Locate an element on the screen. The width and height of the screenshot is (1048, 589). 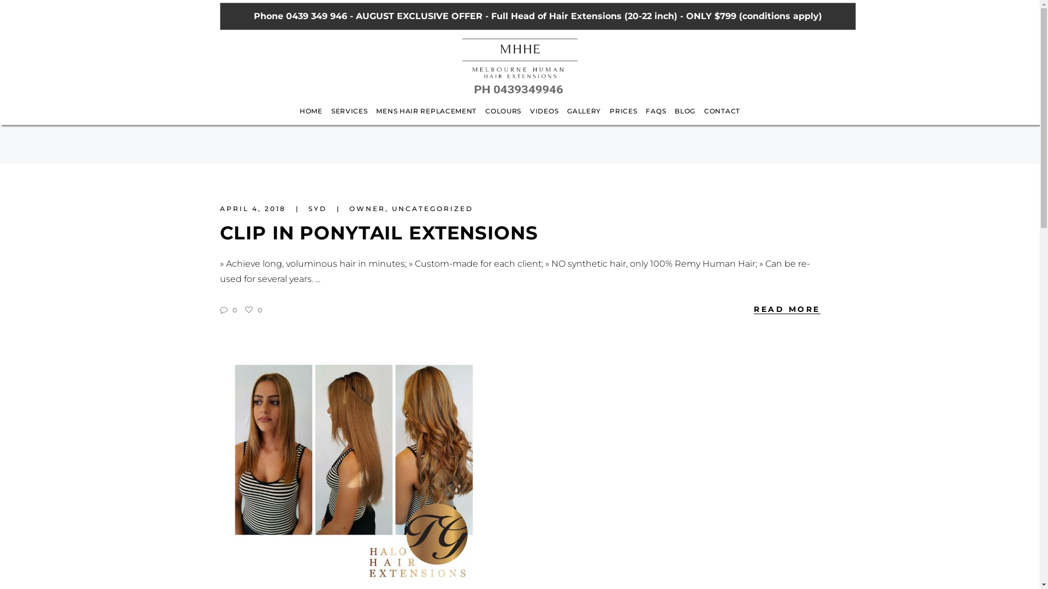
'OWNER' is located at coordinates (367, 208).